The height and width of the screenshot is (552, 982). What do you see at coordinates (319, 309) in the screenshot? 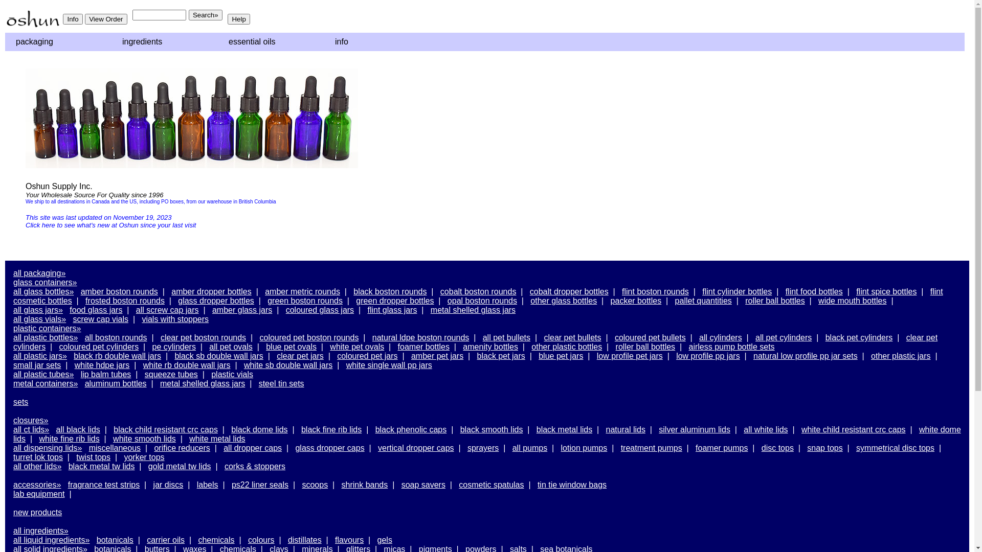
I see `'coloured glass jars'` at bounding box center [319, 309].